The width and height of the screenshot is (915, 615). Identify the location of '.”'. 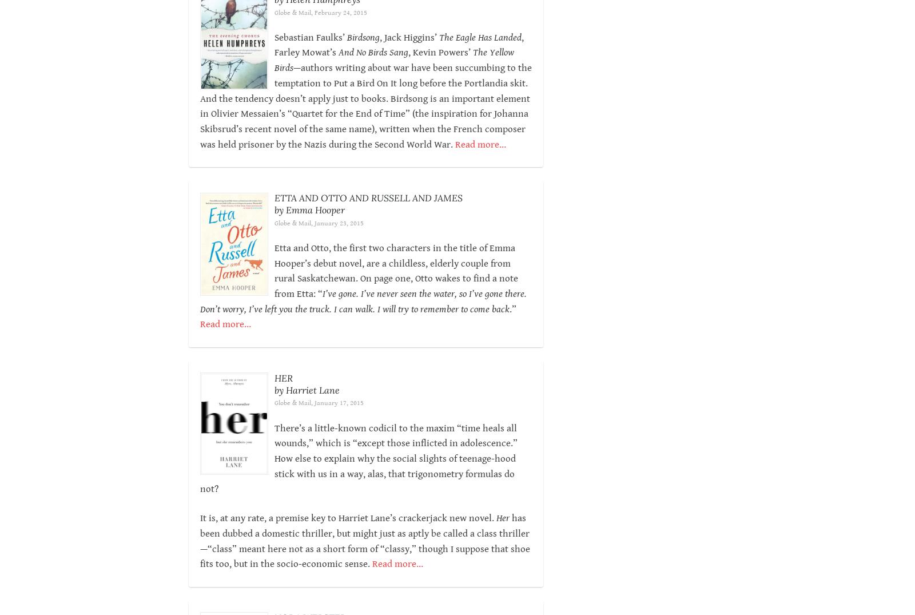
(512, 308).